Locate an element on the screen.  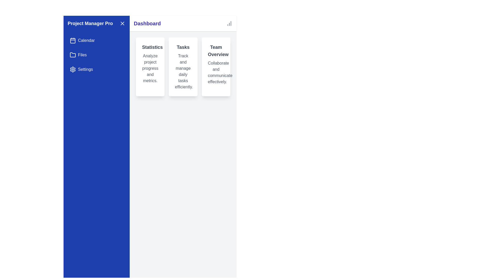
the 'Files' button located in the vertical menu of the left sidebar, which is positioned below the 'Calendar' item and above the 'Settings' item is located at coordinates (97, 55).